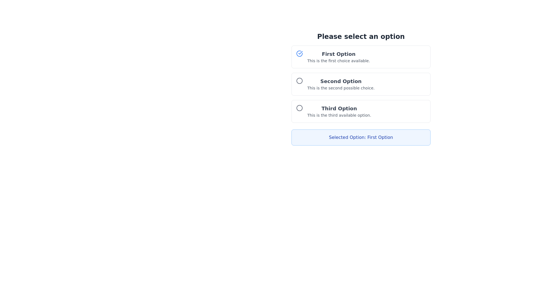 This screenshot has width=534, height=300. Describe the element at coordinates (341, 84) in the screenshot. I see `the second selectable option in the list` at that location.